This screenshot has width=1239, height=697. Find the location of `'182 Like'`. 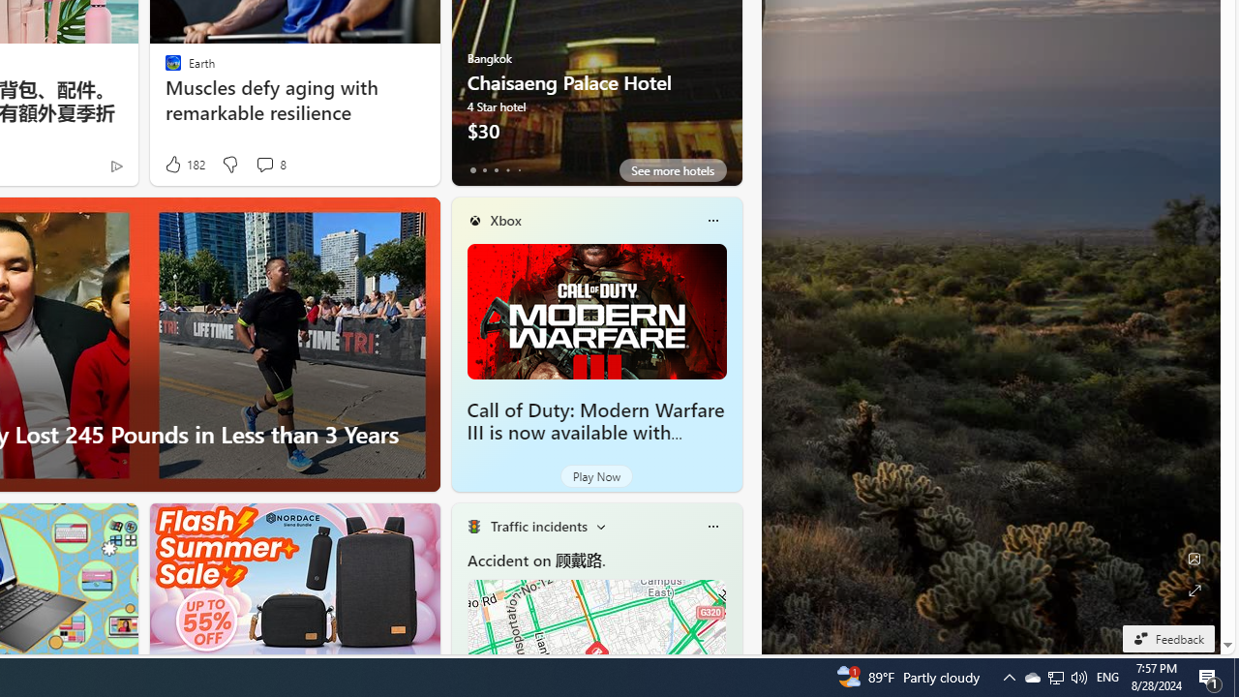

'182 Like' is located at coordinates (184, 164).